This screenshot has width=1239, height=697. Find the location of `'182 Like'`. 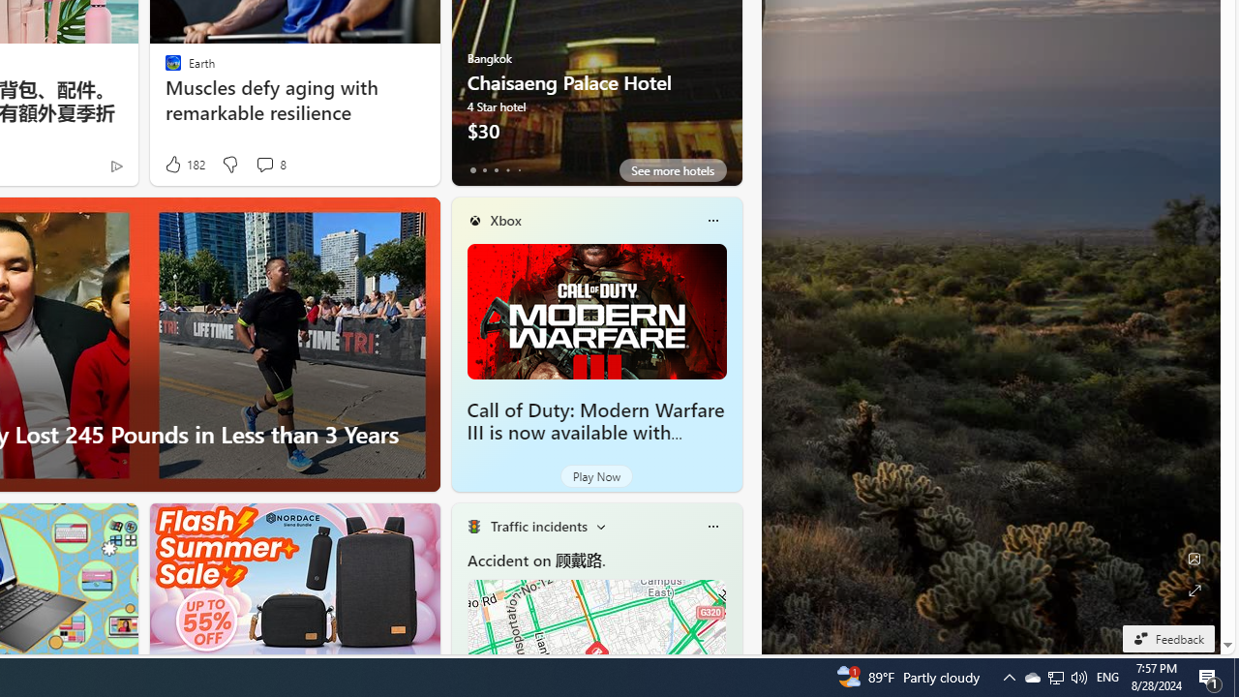

'182 Like' is located at coordinates (184, 164).